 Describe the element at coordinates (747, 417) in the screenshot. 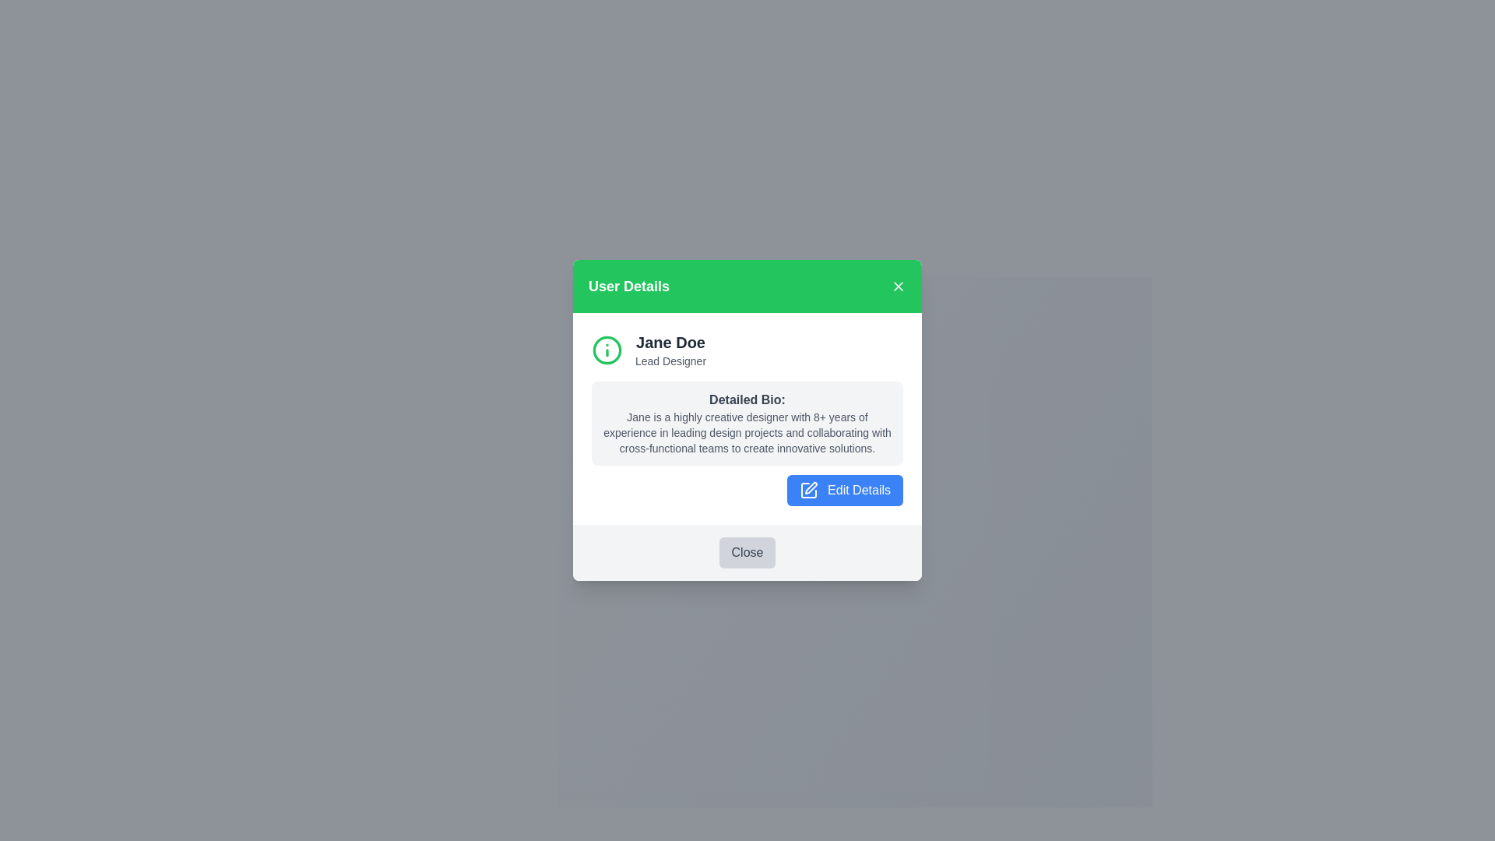

I see `editable text information section centered in the modal dialogue box under the 'User Details' heading` at that location.